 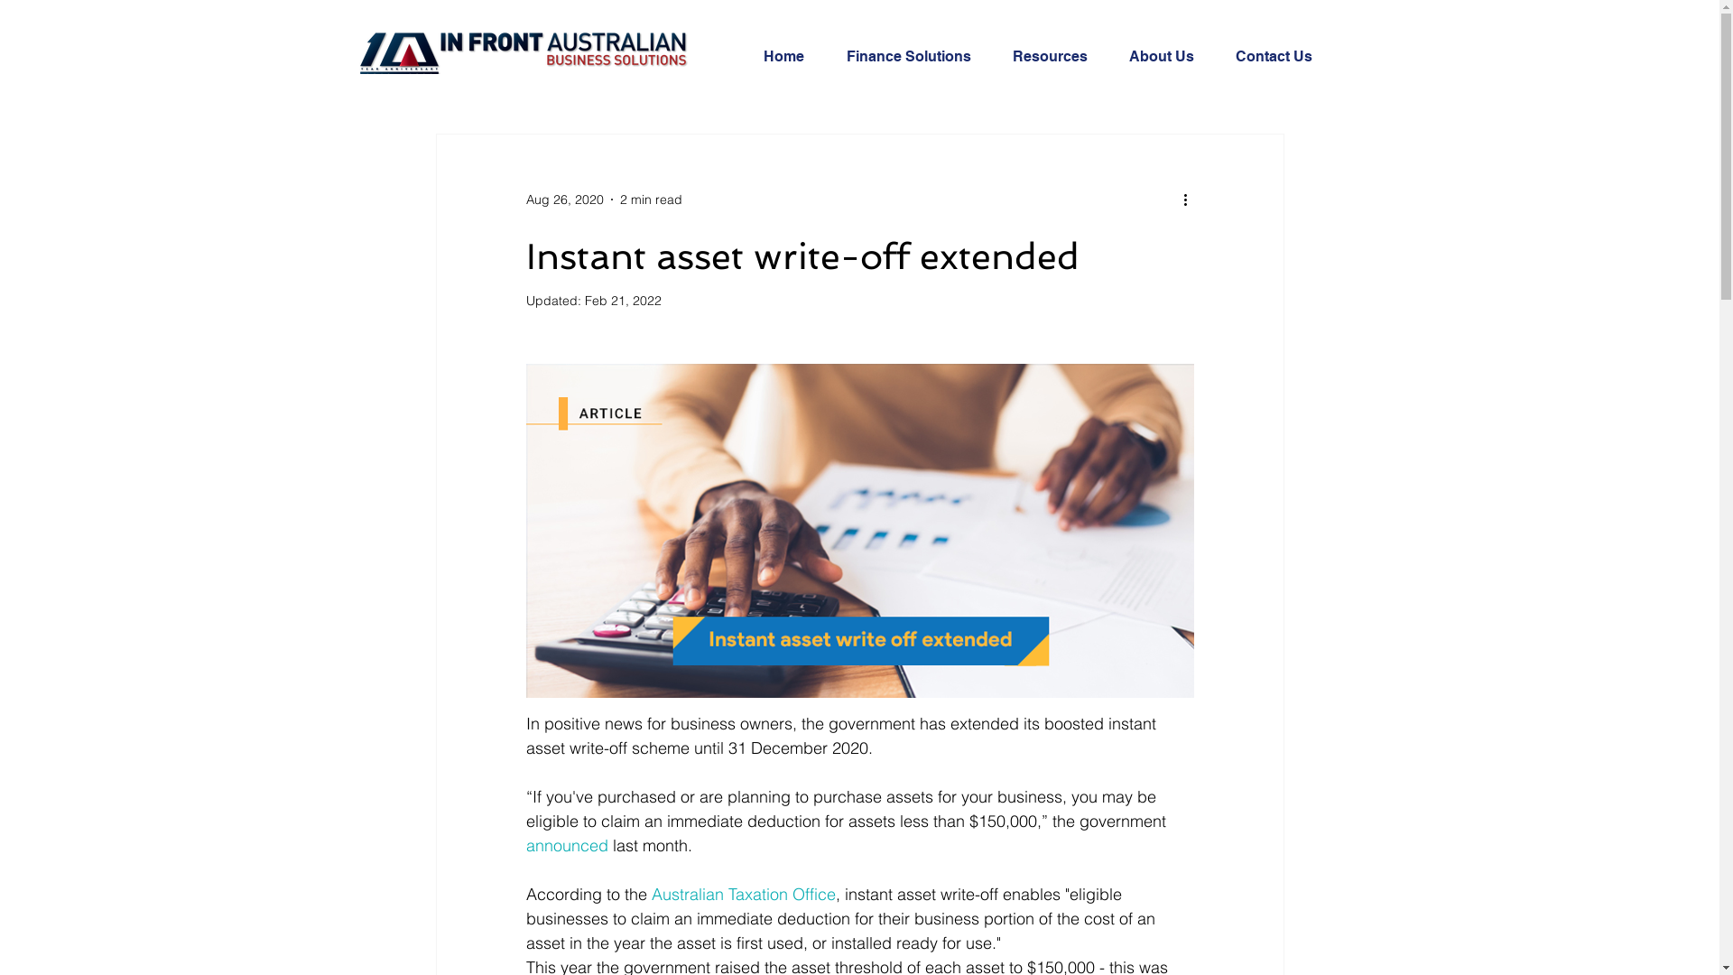 What do you see at coordinates (565, 845) in the screenshot?
I see `'announced'` at bounding box center [565, 845].